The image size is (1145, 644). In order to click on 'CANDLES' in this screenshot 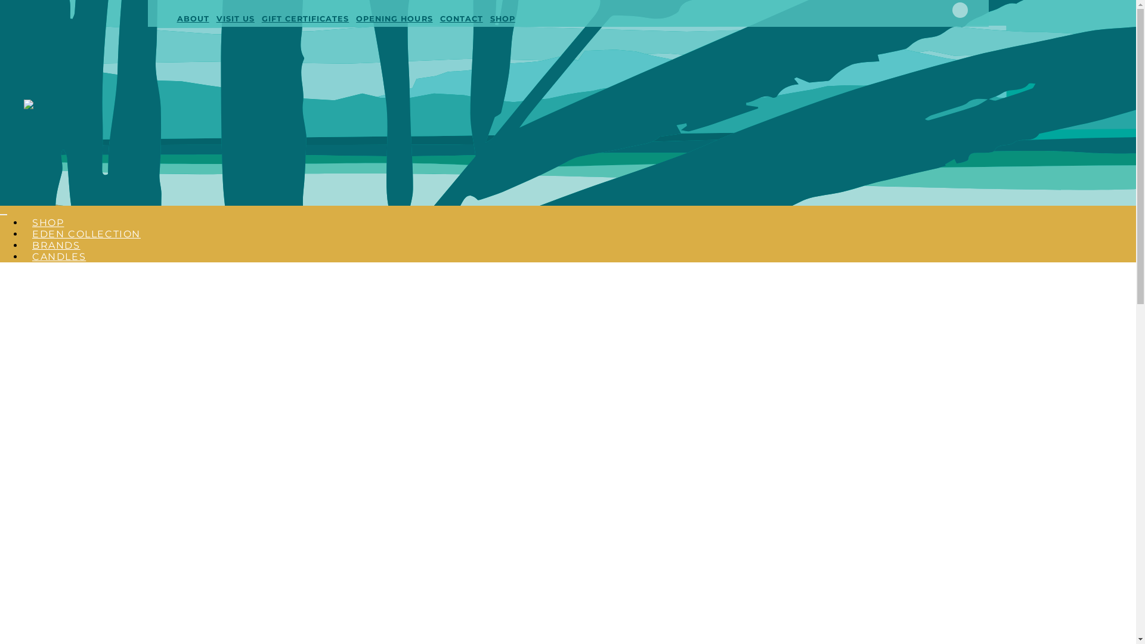, I will do `click(23, 256)`.